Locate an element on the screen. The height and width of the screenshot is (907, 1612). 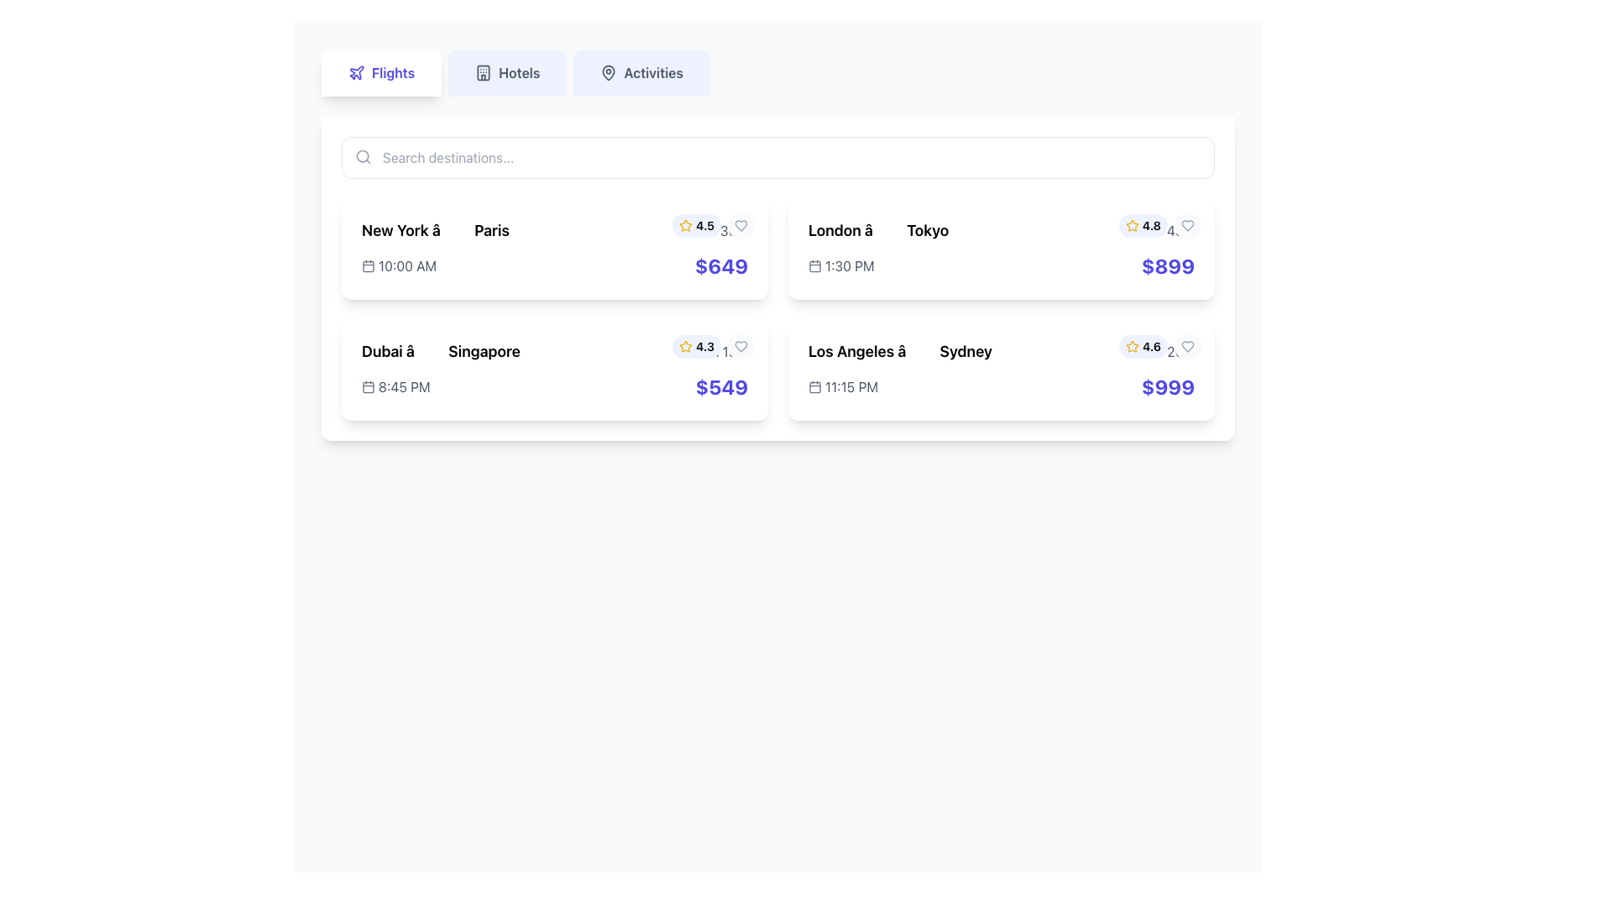
the label displaying a clock icon followed by '10:00 AM' positioned beneath the 'New York â Paris' title and to the left of the '$649' price indicator is located at coordinates (398, 265).